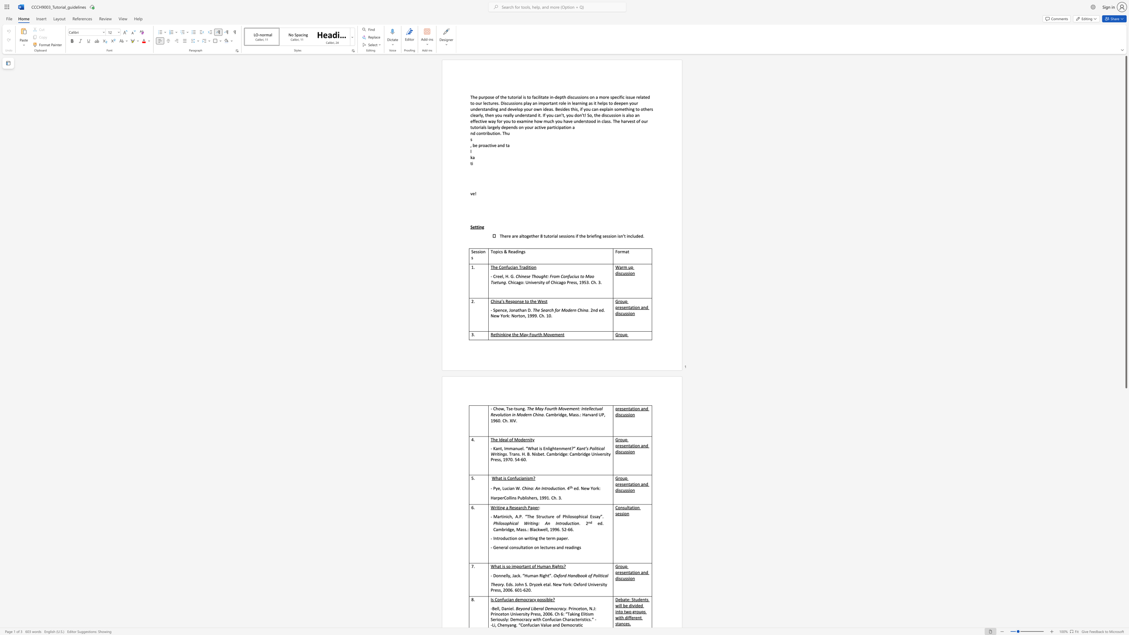 The width and height of the screenshot is (1129, 635). Describe the element at coordinates (1125, 461) in the screenshot. I see `the scrollbar to slide the page down` at that location.